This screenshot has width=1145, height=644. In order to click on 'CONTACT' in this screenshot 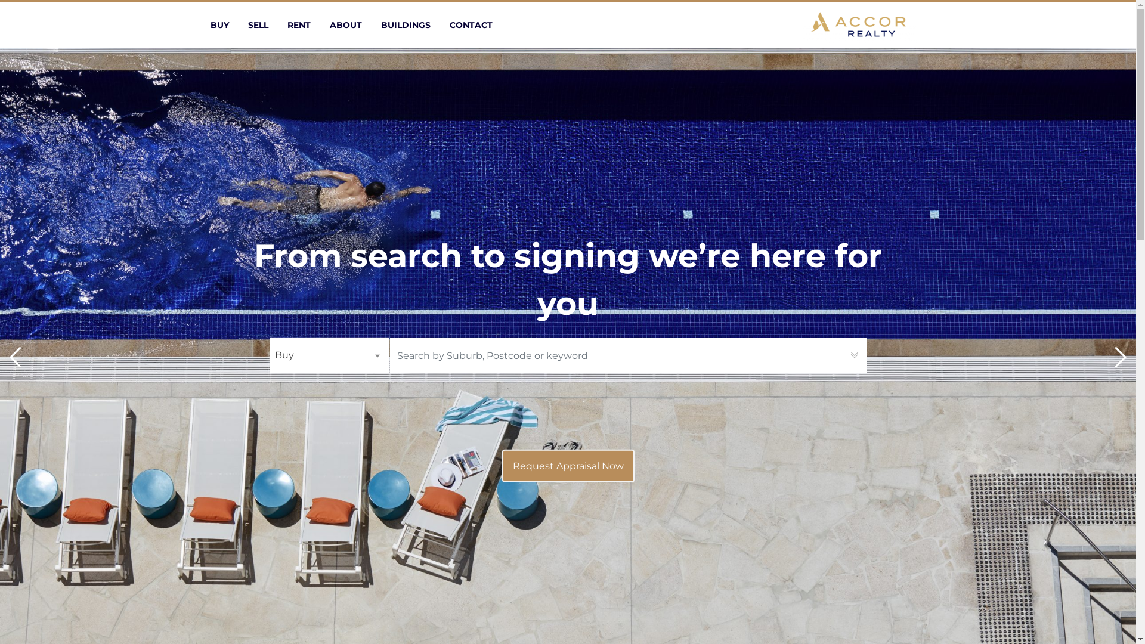, I will do `click(448, 25)`.